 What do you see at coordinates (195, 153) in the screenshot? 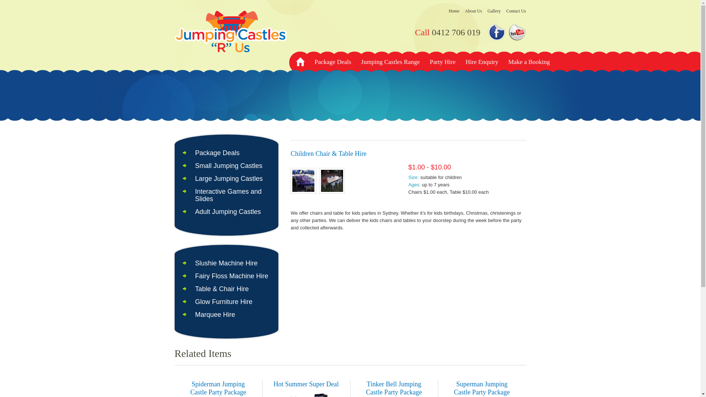
I see `'Package Deals'` at bounding box center [195, 153].